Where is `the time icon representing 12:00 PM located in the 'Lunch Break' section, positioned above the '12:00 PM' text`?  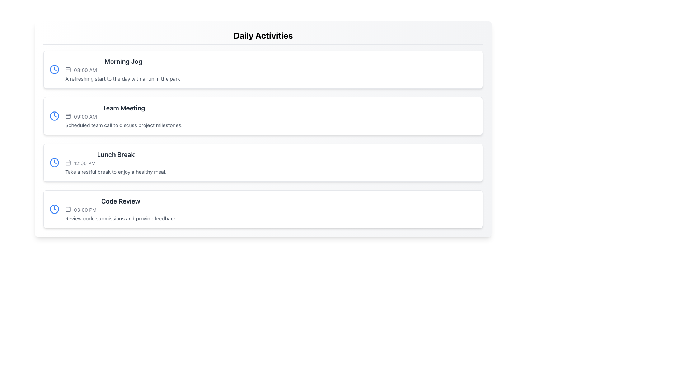 the time icon representing 12:00 PM located in the 'Lunch Break' section, positioned above the '12:00 PM' text is located at coordinates (54, 163).